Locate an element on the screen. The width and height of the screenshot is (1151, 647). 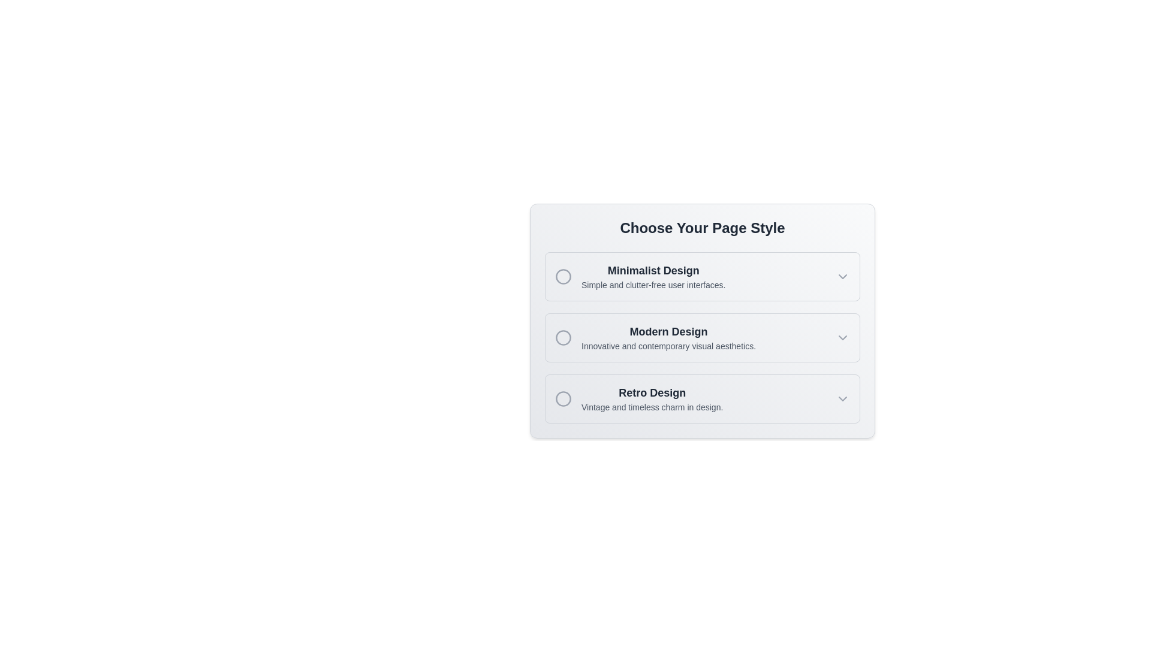
the Circle graphic component that signifies the state of 'Modern Design' selection in the 'Choose Your Page Style' interface is located at coordinates (563, 337).